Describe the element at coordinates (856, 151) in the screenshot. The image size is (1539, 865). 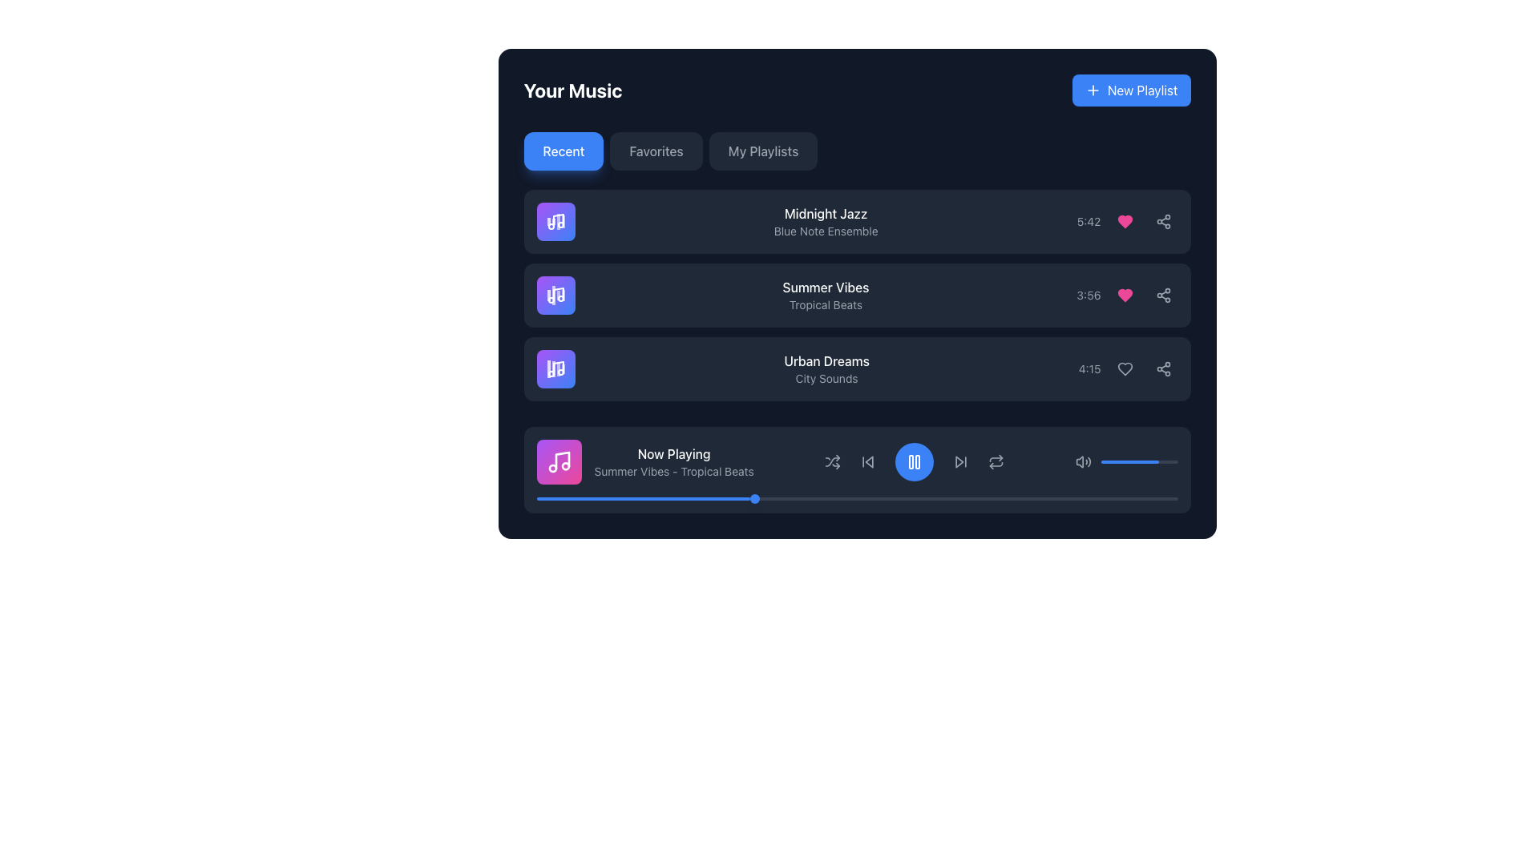
I see `the 'Recent' button in the tabbed navigation bar` at that location.